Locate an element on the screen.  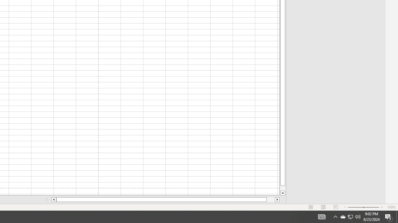
'Column left' is located at coordinates (53, 199).